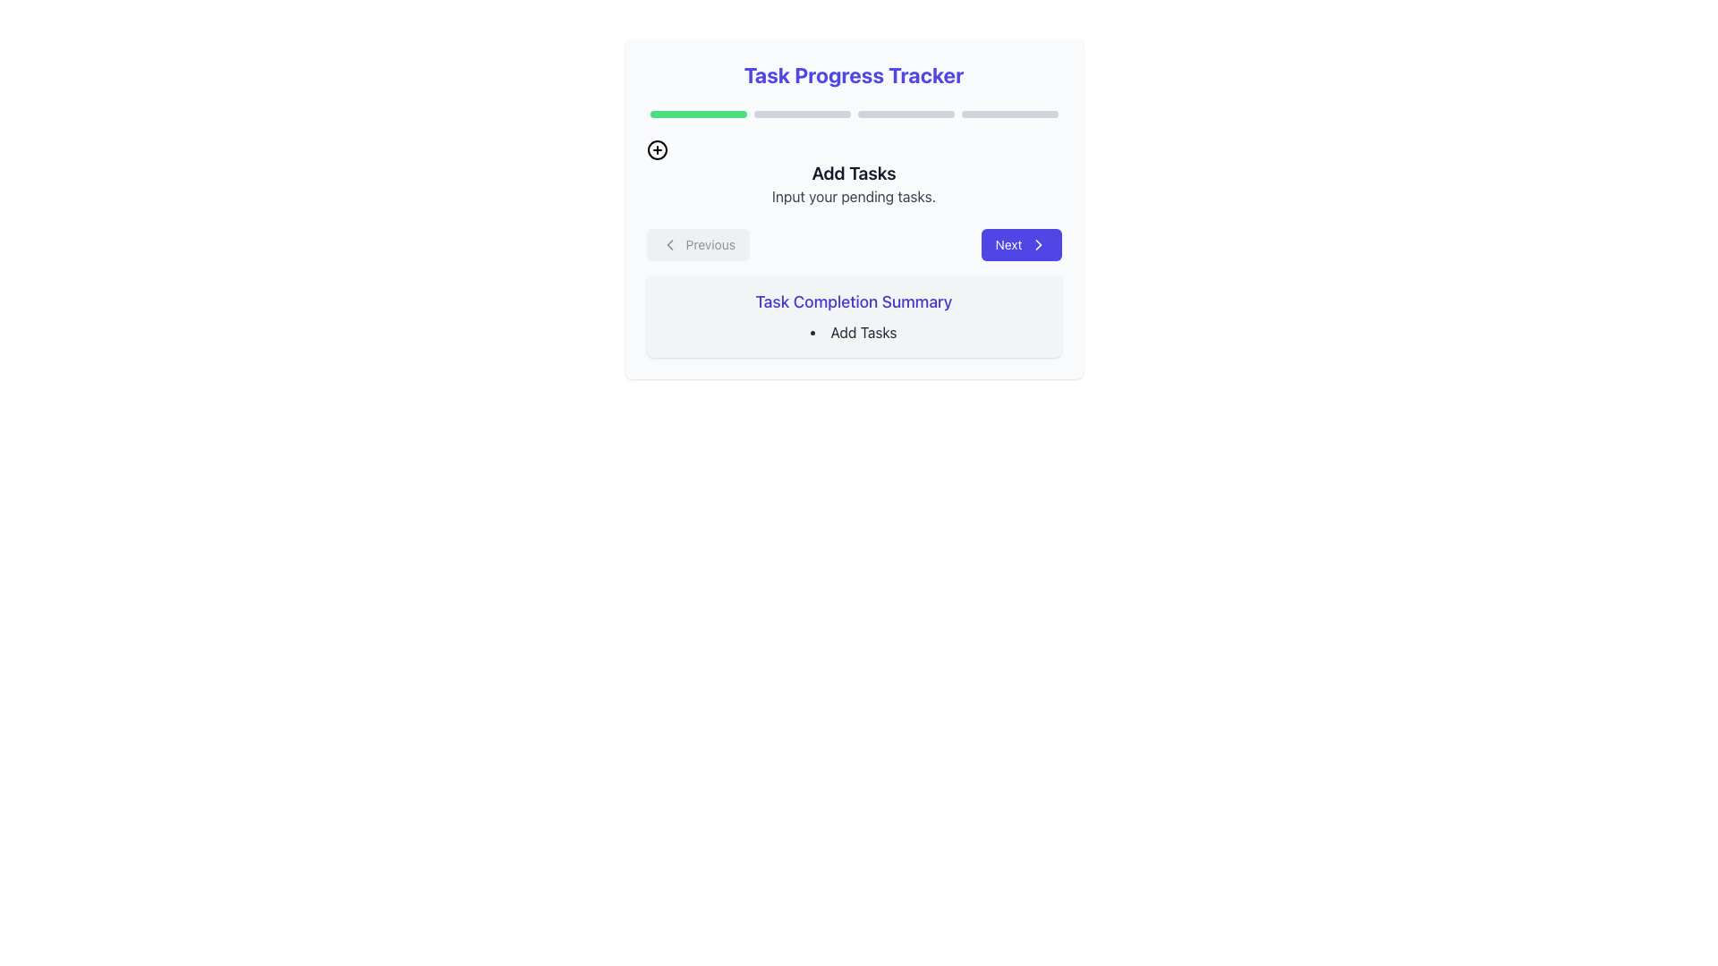  What do you see at coordinates (906, 114) in the screenshot?
I see `the third progress bar segment in the progress tracker, which is located below the 'Task Progress Tracker' title and between the second and fourth bars` at bounding box center [906, 114].